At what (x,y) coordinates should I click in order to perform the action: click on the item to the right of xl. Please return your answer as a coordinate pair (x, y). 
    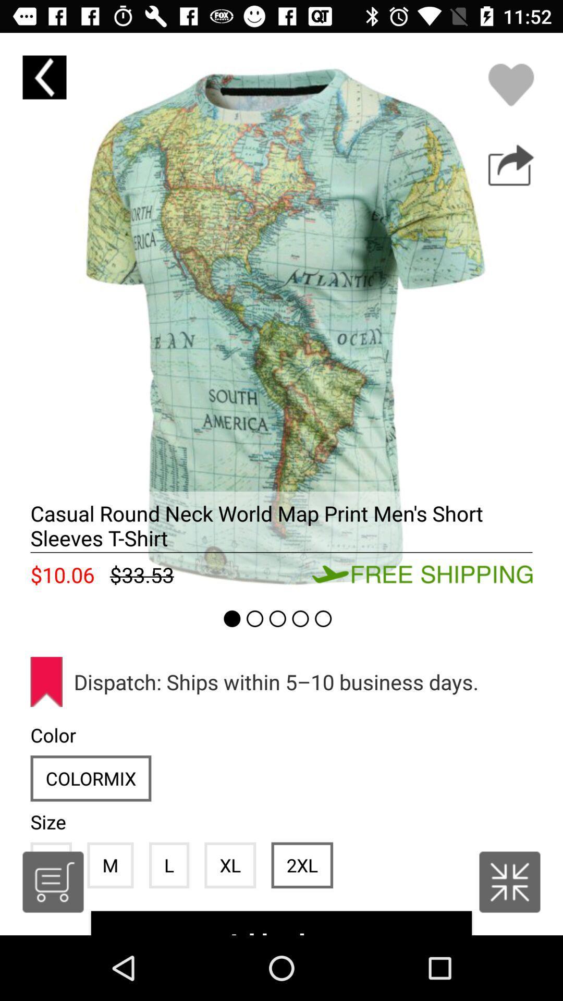
    Looking at the image, I should click on (302, 865).